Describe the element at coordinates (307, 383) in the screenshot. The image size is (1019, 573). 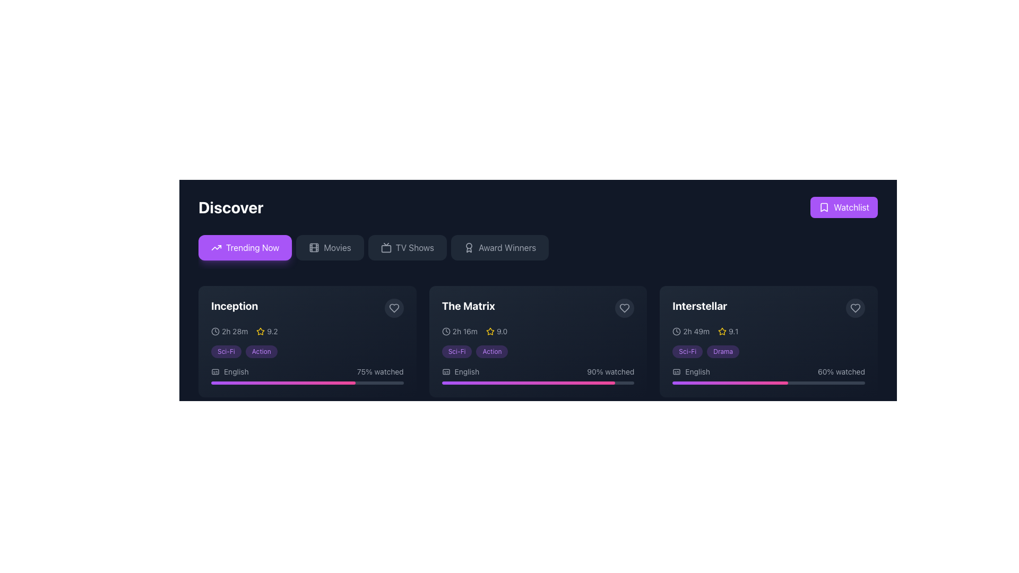
I see `the progress bar indicating that 75% of the movie 'Inception' has been watched, located below the 'English' text and the '75% watched' label` at that location.